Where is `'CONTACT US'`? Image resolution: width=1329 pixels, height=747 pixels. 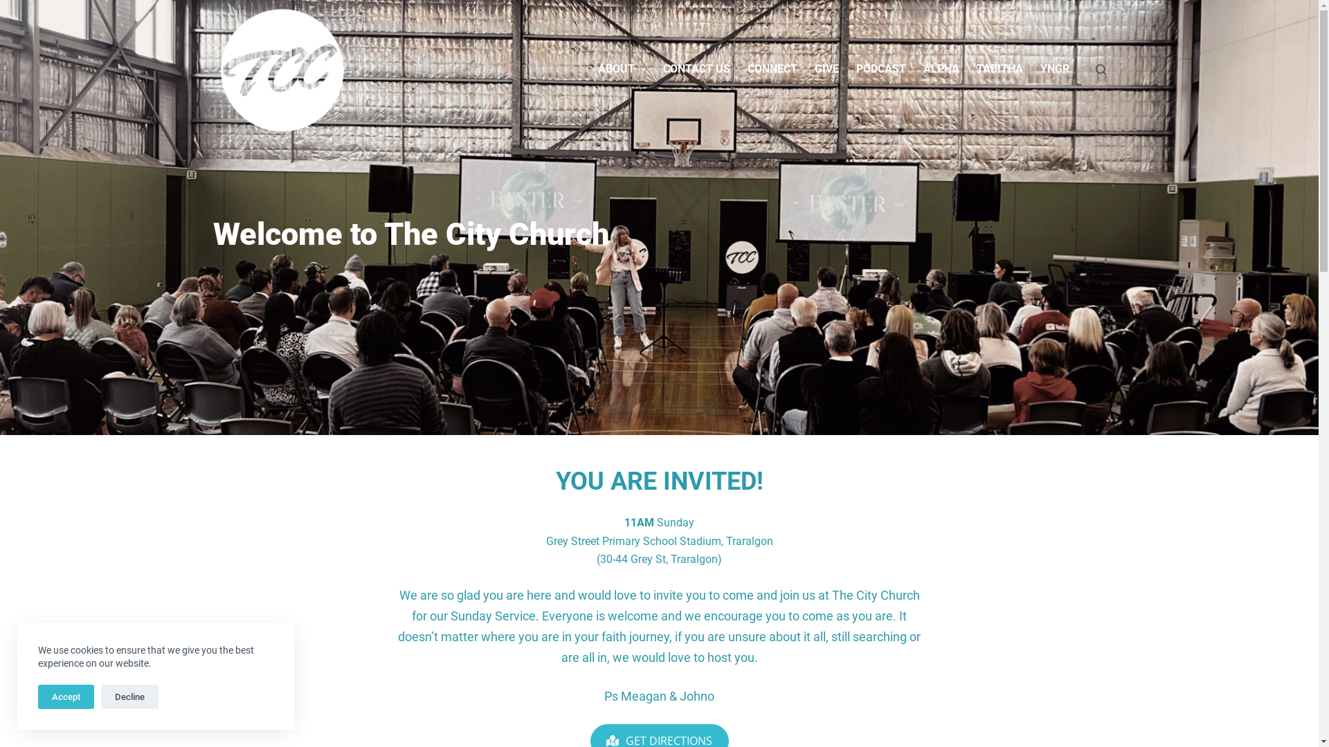 'CONTACT US' is located at coordinates (697, 69).